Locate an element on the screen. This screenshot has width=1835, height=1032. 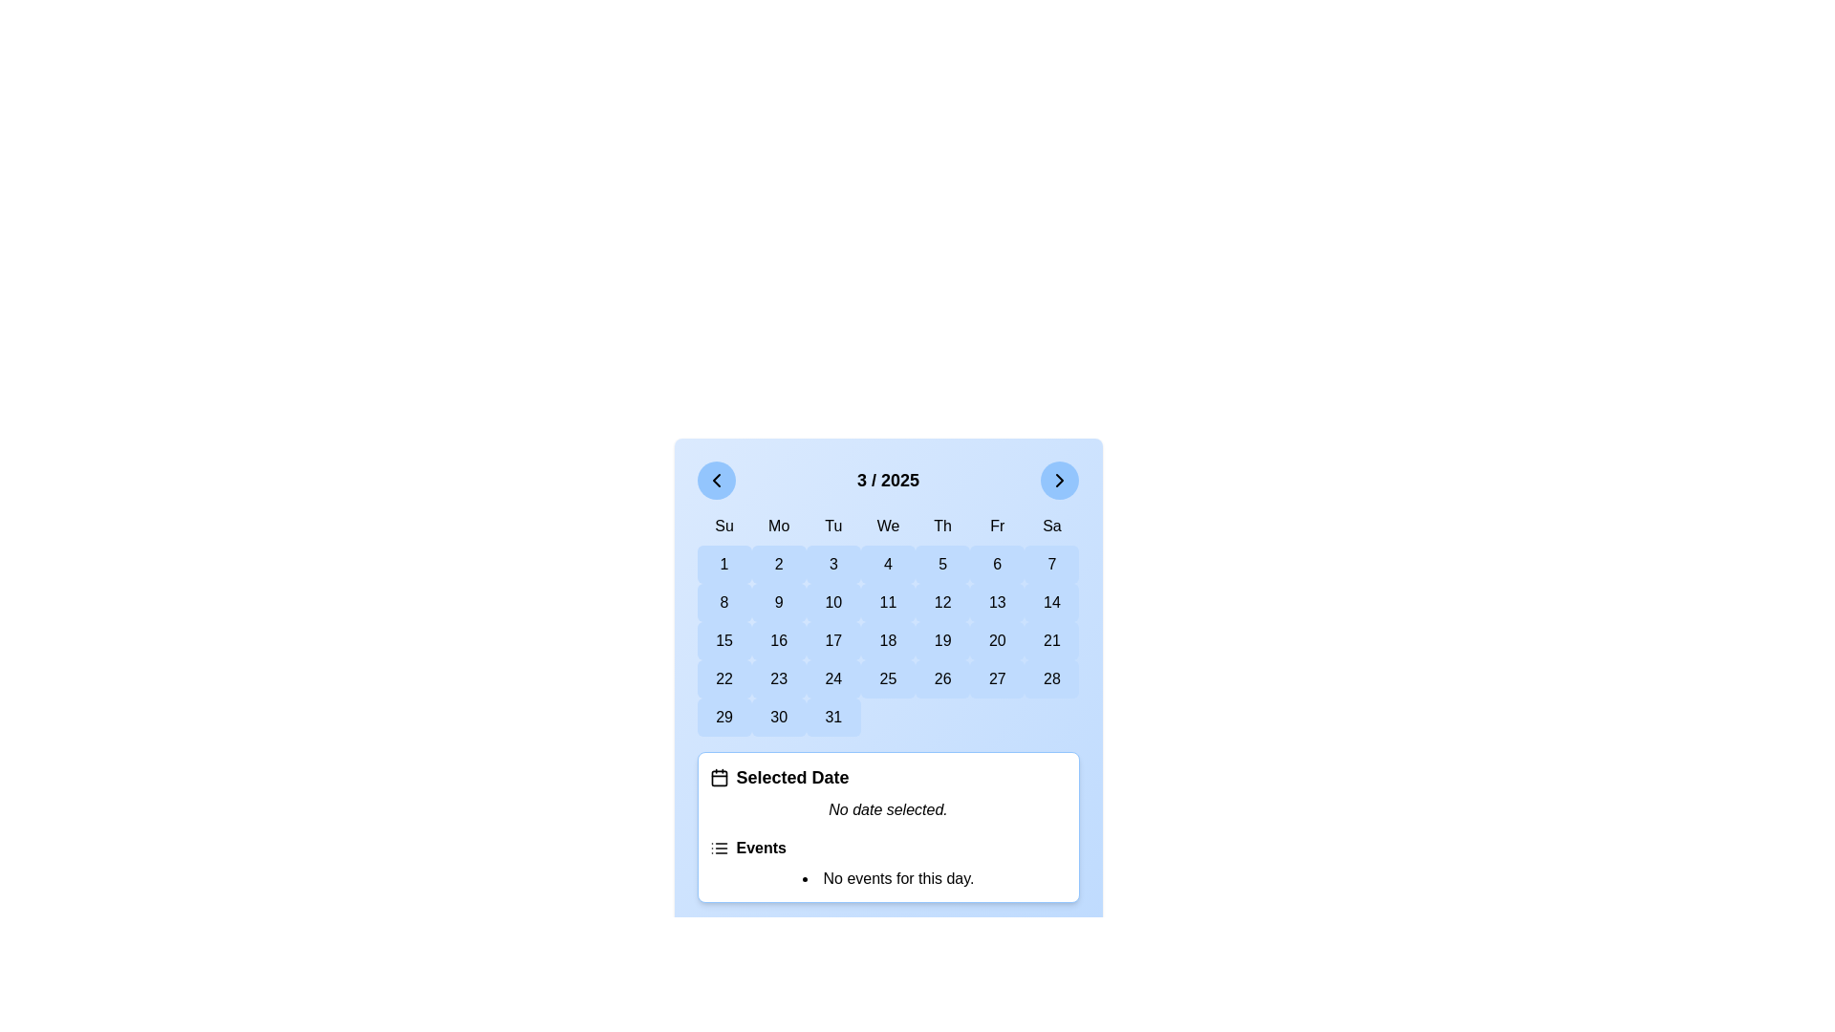
the icon representing a list, styled with a black stroke and three horizontal lines, located to the left of the text 'Events' within a card-like structure beneath a calendar interface is located at coordinates (718, 847).